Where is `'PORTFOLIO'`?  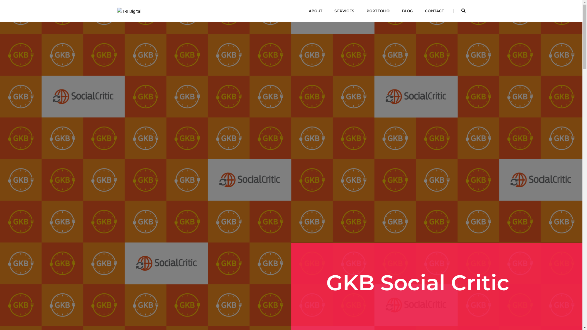 'PORTFOLIO' is located at coordinates (378, 11).